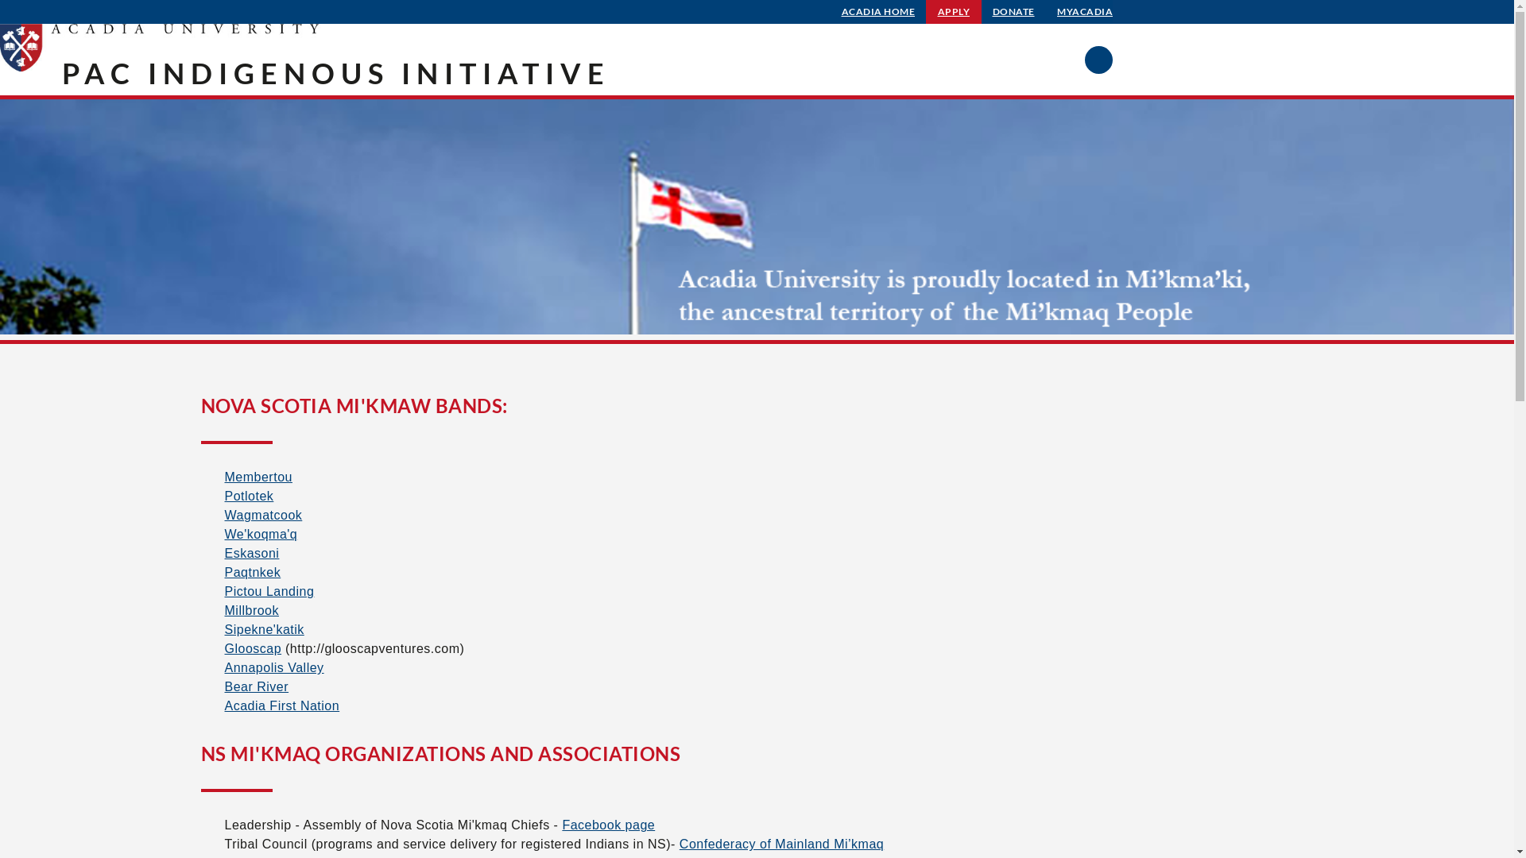  Describe the element at coordinates (251, 648) in the screenshot. I see `'Glooscap'` at that location.